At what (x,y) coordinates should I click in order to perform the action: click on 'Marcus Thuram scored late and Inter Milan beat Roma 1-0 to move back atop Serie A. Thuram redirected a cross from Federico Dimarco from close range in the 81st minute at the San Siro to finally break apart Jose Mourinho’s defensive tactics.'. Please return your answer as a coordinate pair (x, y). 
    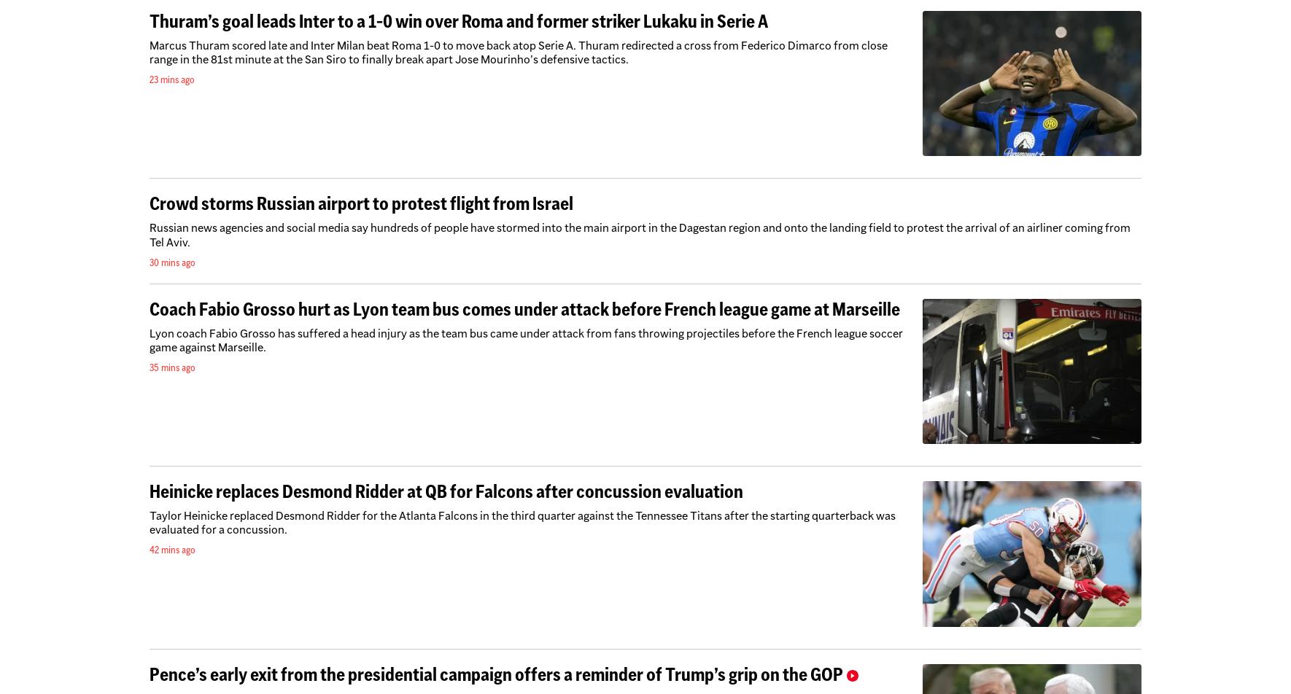
    Looking at the image, I should click on (518, 52).